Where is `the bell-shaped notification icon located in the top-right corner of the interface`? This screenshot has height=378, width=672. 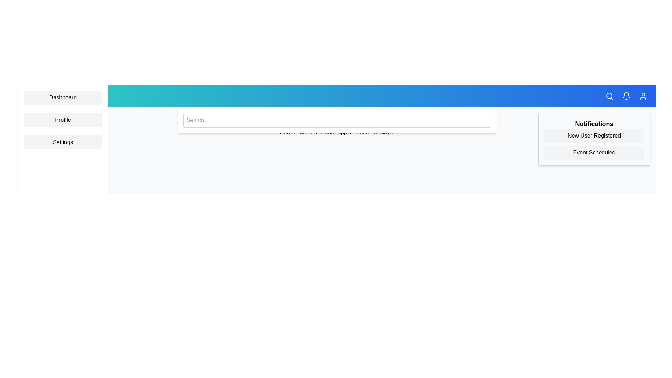 the bell-shaped notification icon located in the top-right corner of the interface is located at coordinates (626, 96).